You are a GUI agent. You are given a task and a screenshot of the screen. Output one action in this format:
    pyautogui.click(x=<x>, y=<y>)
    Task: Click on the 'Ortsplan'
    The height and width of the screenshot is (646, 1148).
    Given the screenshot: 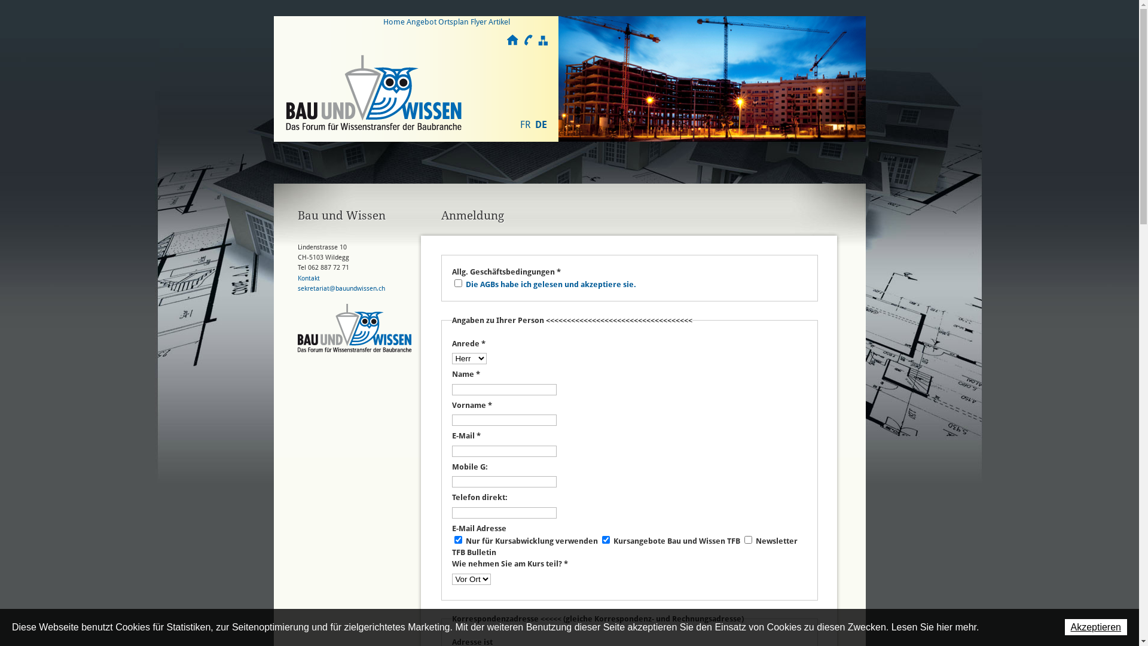 What is the action you would take?
    pyautogui.click(x=453, y=22)
    